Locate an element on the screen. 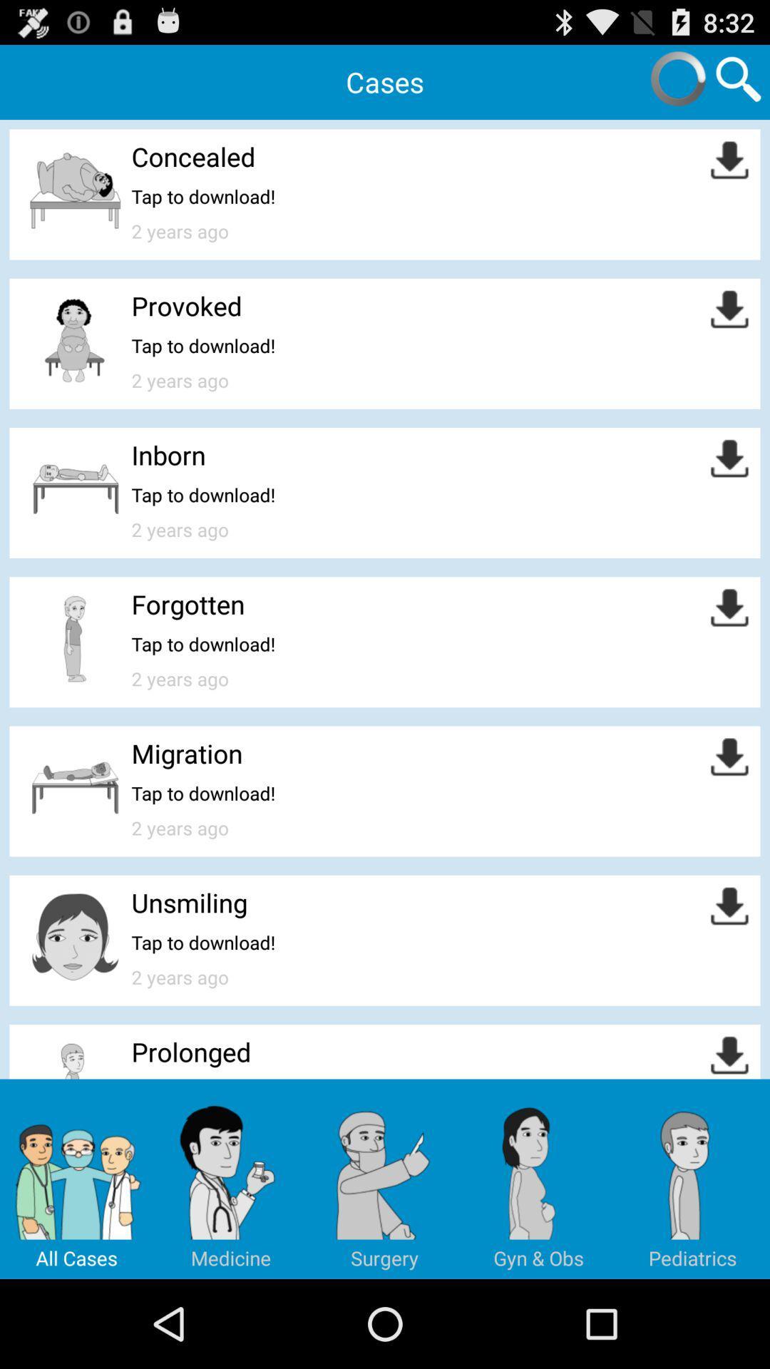 The image size is (770, 1369). concealed app is located at coordinates (193, 156).